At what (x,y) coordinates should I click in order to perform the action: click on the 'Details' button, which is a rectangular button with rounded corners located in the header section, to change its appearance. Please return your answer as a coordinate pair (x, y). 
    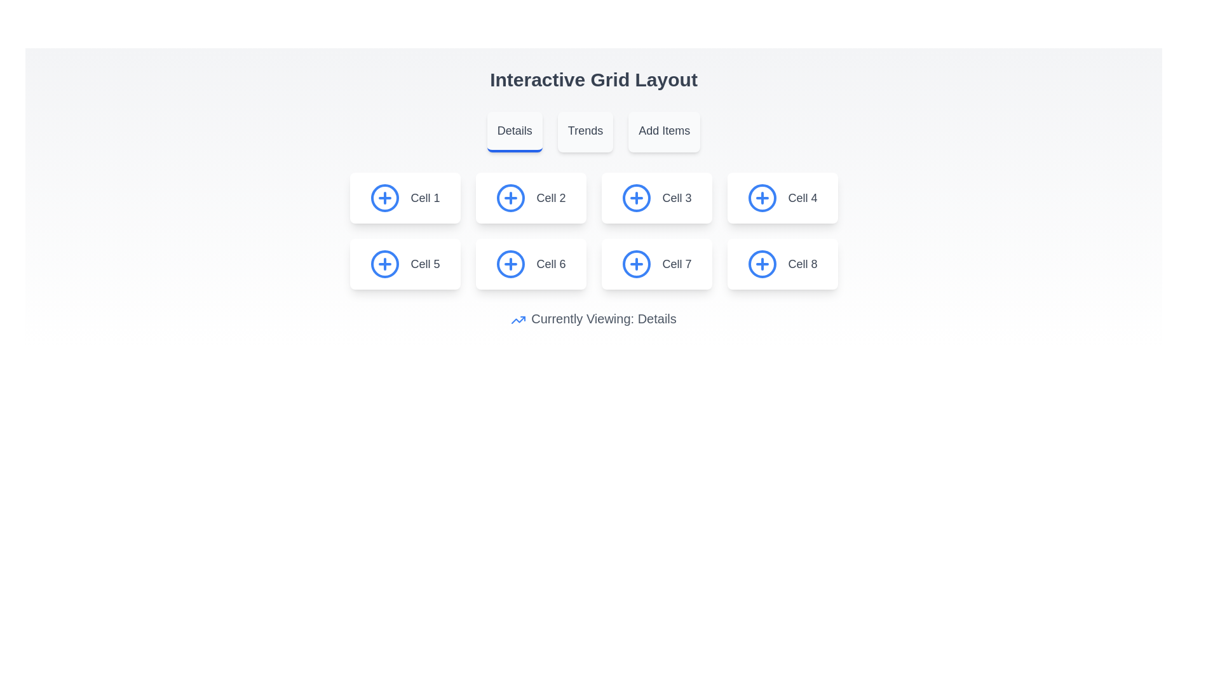
    Looking at the image, I should click on (515, 132).